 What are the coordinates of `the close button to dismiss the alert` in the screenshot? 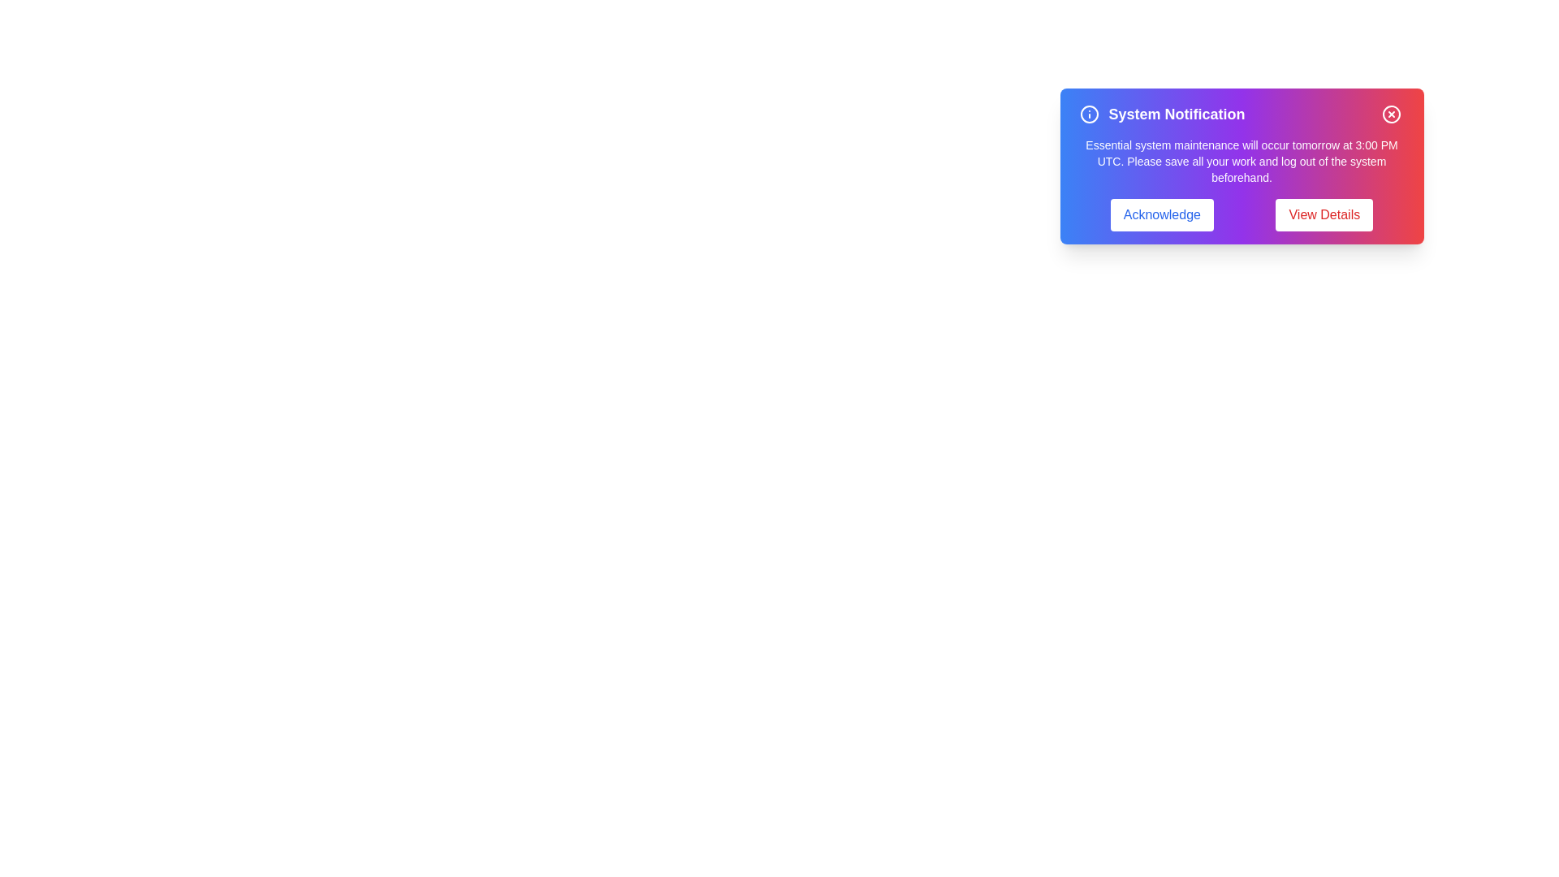 It's located at (1390, 114).